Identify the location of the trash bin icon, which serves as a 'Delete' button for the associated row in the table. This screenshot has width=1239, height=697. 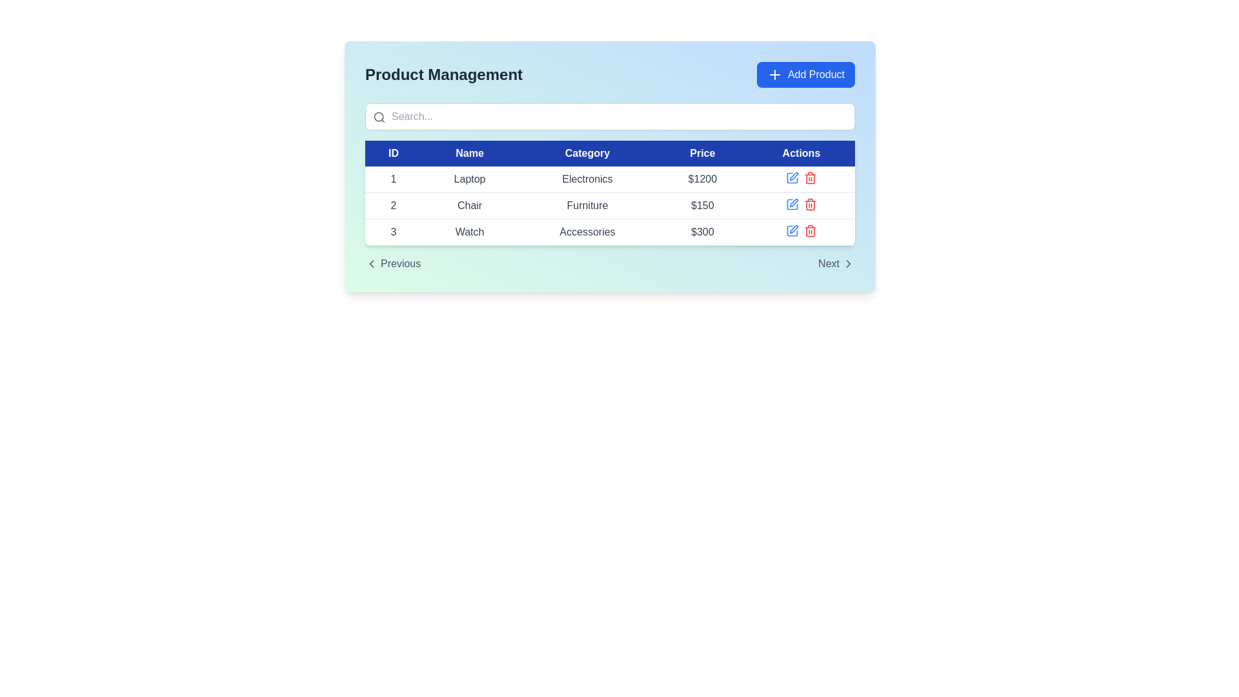
(809, 203).